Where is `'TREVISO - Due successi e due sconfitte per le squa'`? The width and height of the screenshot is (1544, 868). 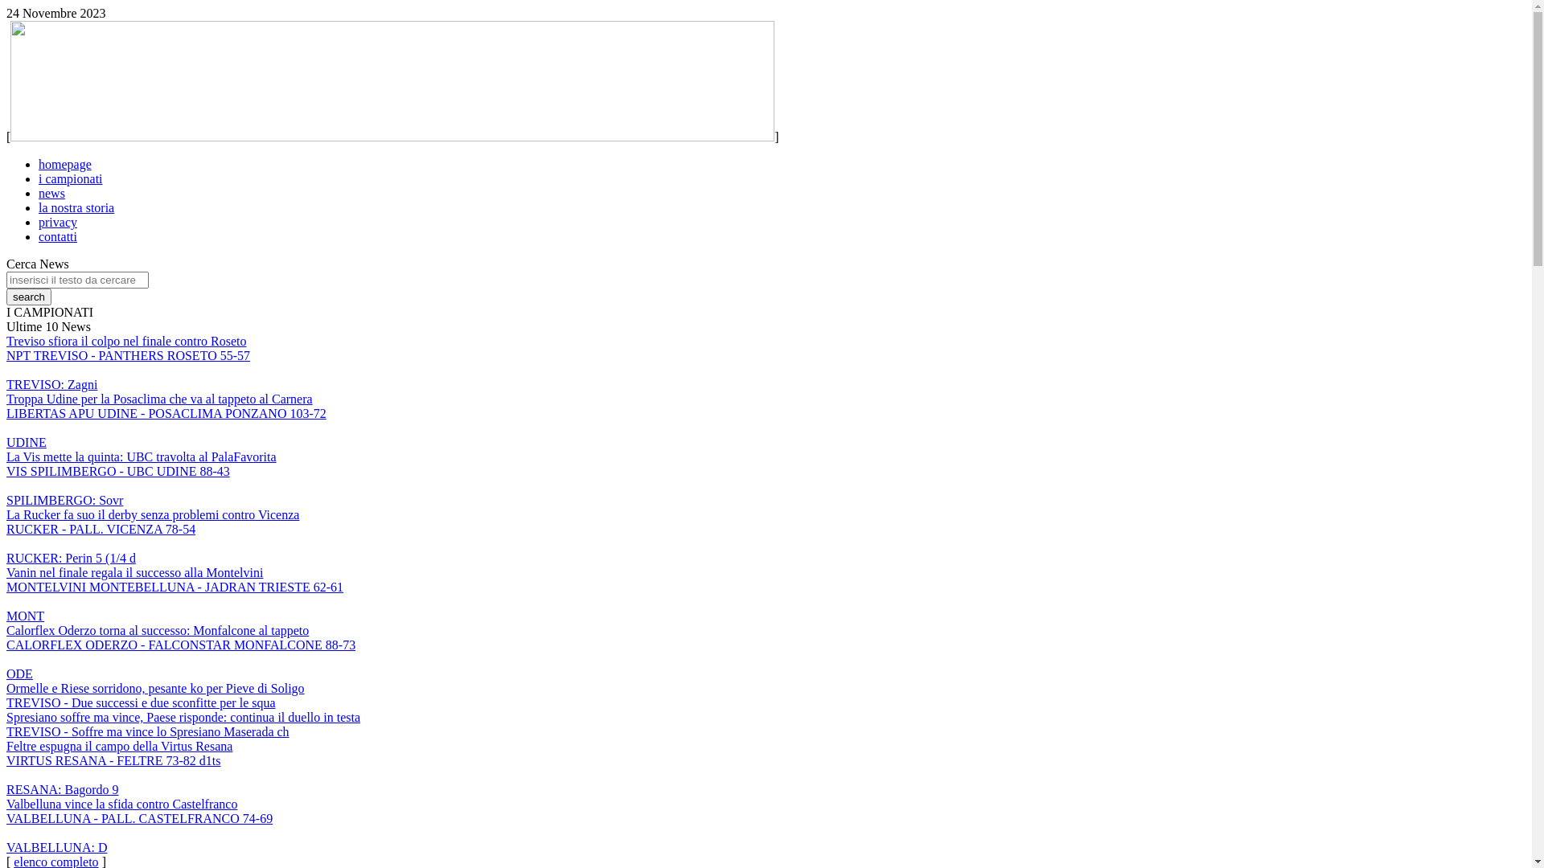 'TREVISO - Due successi e due sconfitte per le squa' is located at coordinates (141, 702).